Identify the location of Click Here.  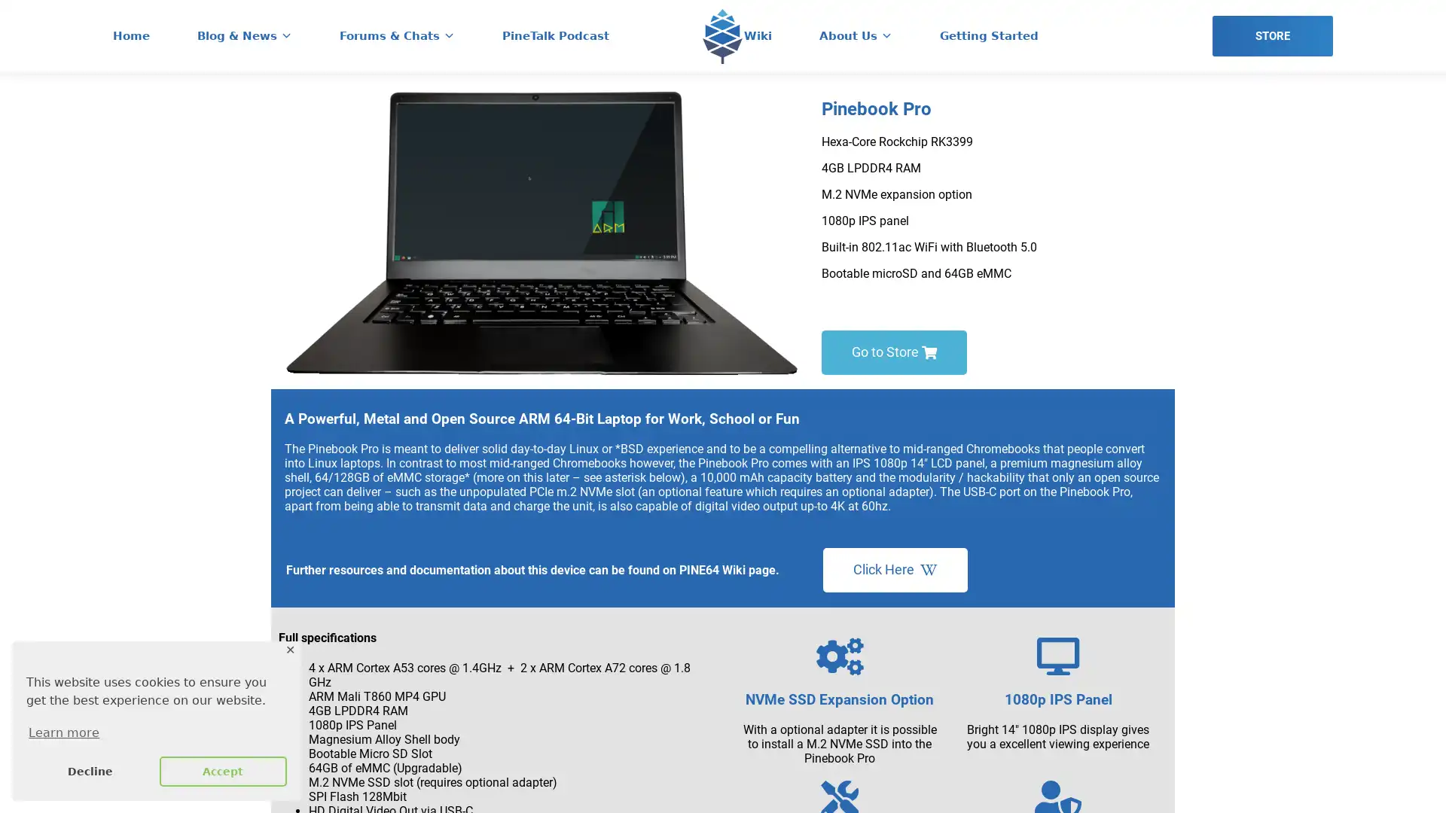
(894, 569).